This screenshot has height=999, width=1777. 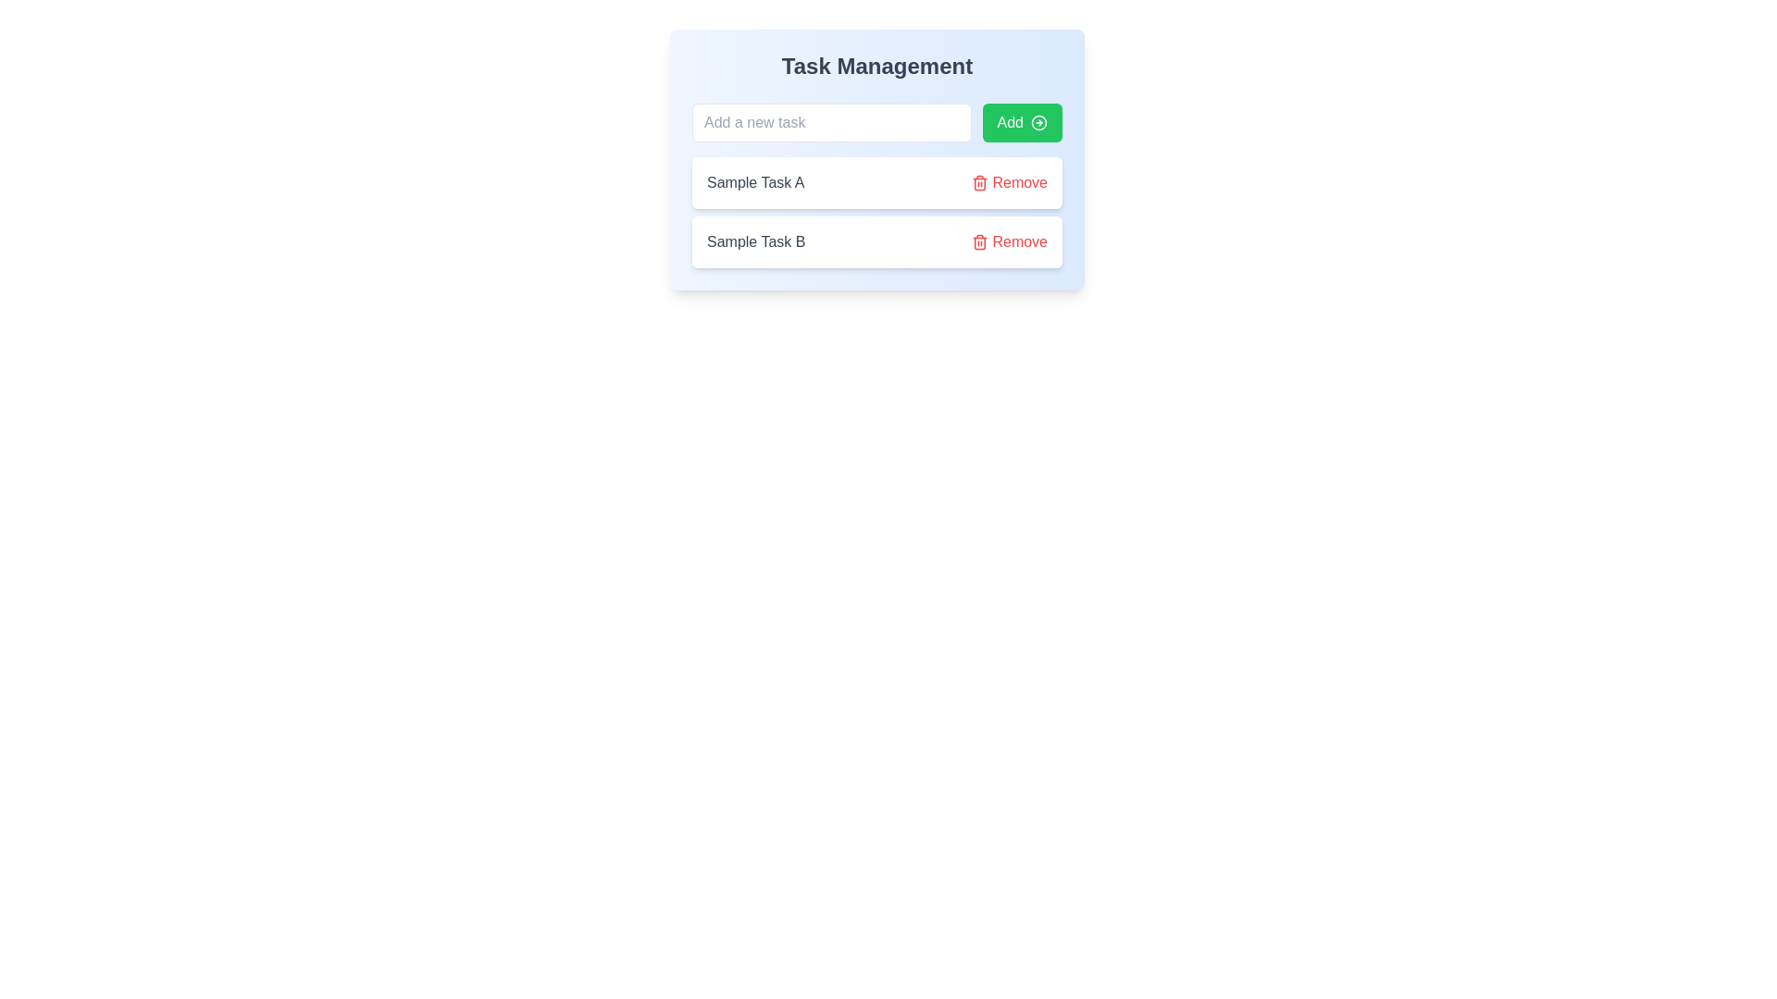 What do you see at coordinates (1039, 122) in the screenshot?
I see `the 'Add' icon located inside the button` at bounding box center [1039, 122].